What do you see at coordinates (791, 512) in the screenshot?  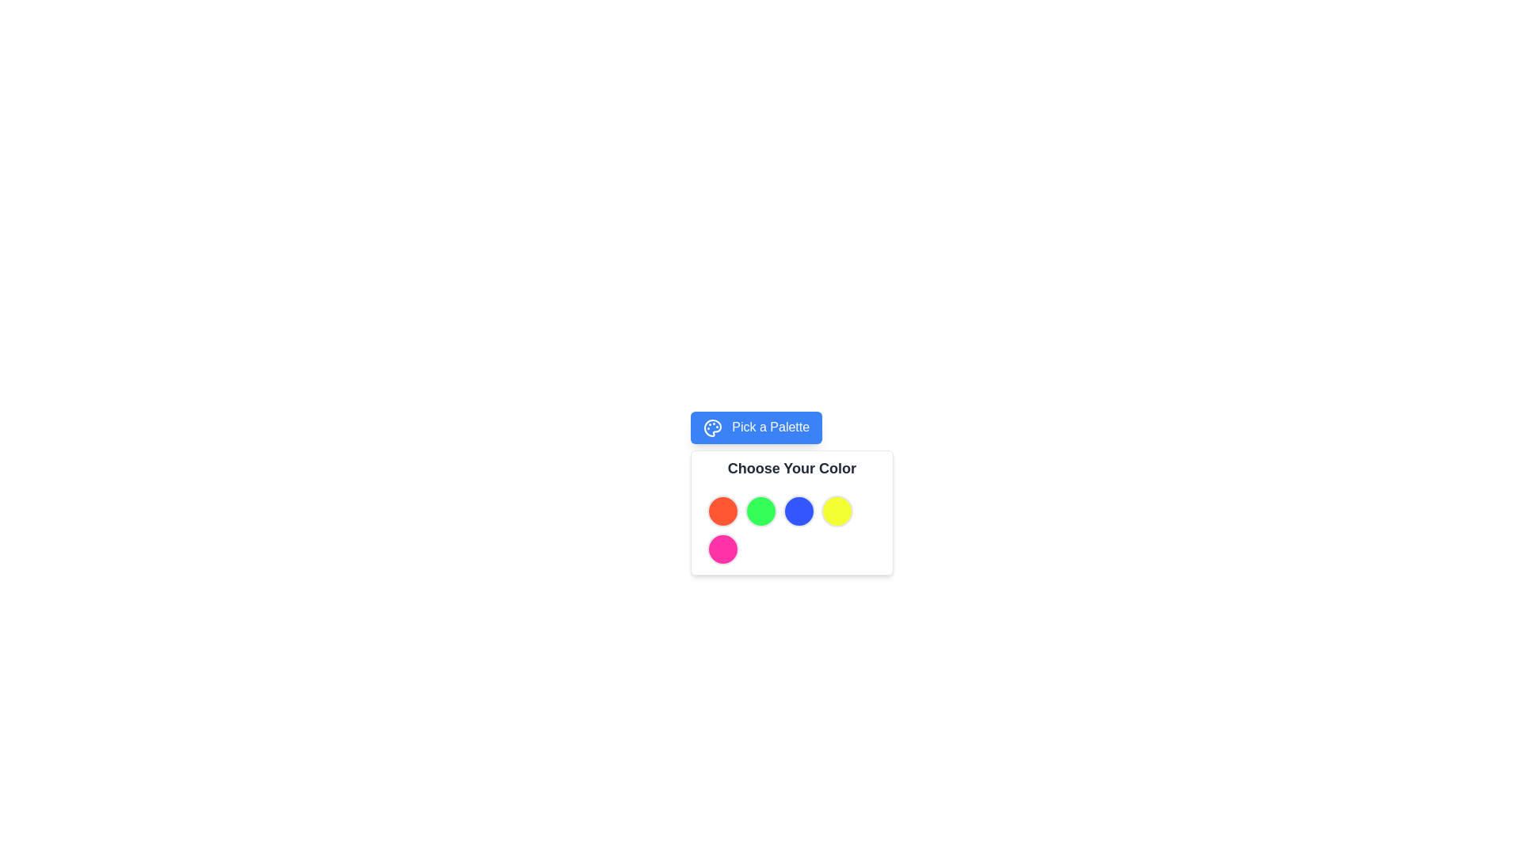 I see `the blue color selection button, which is the third circle in the first row of the color selection grid located below the 'Choose Your Color' title` at bounding box center [791, 512].